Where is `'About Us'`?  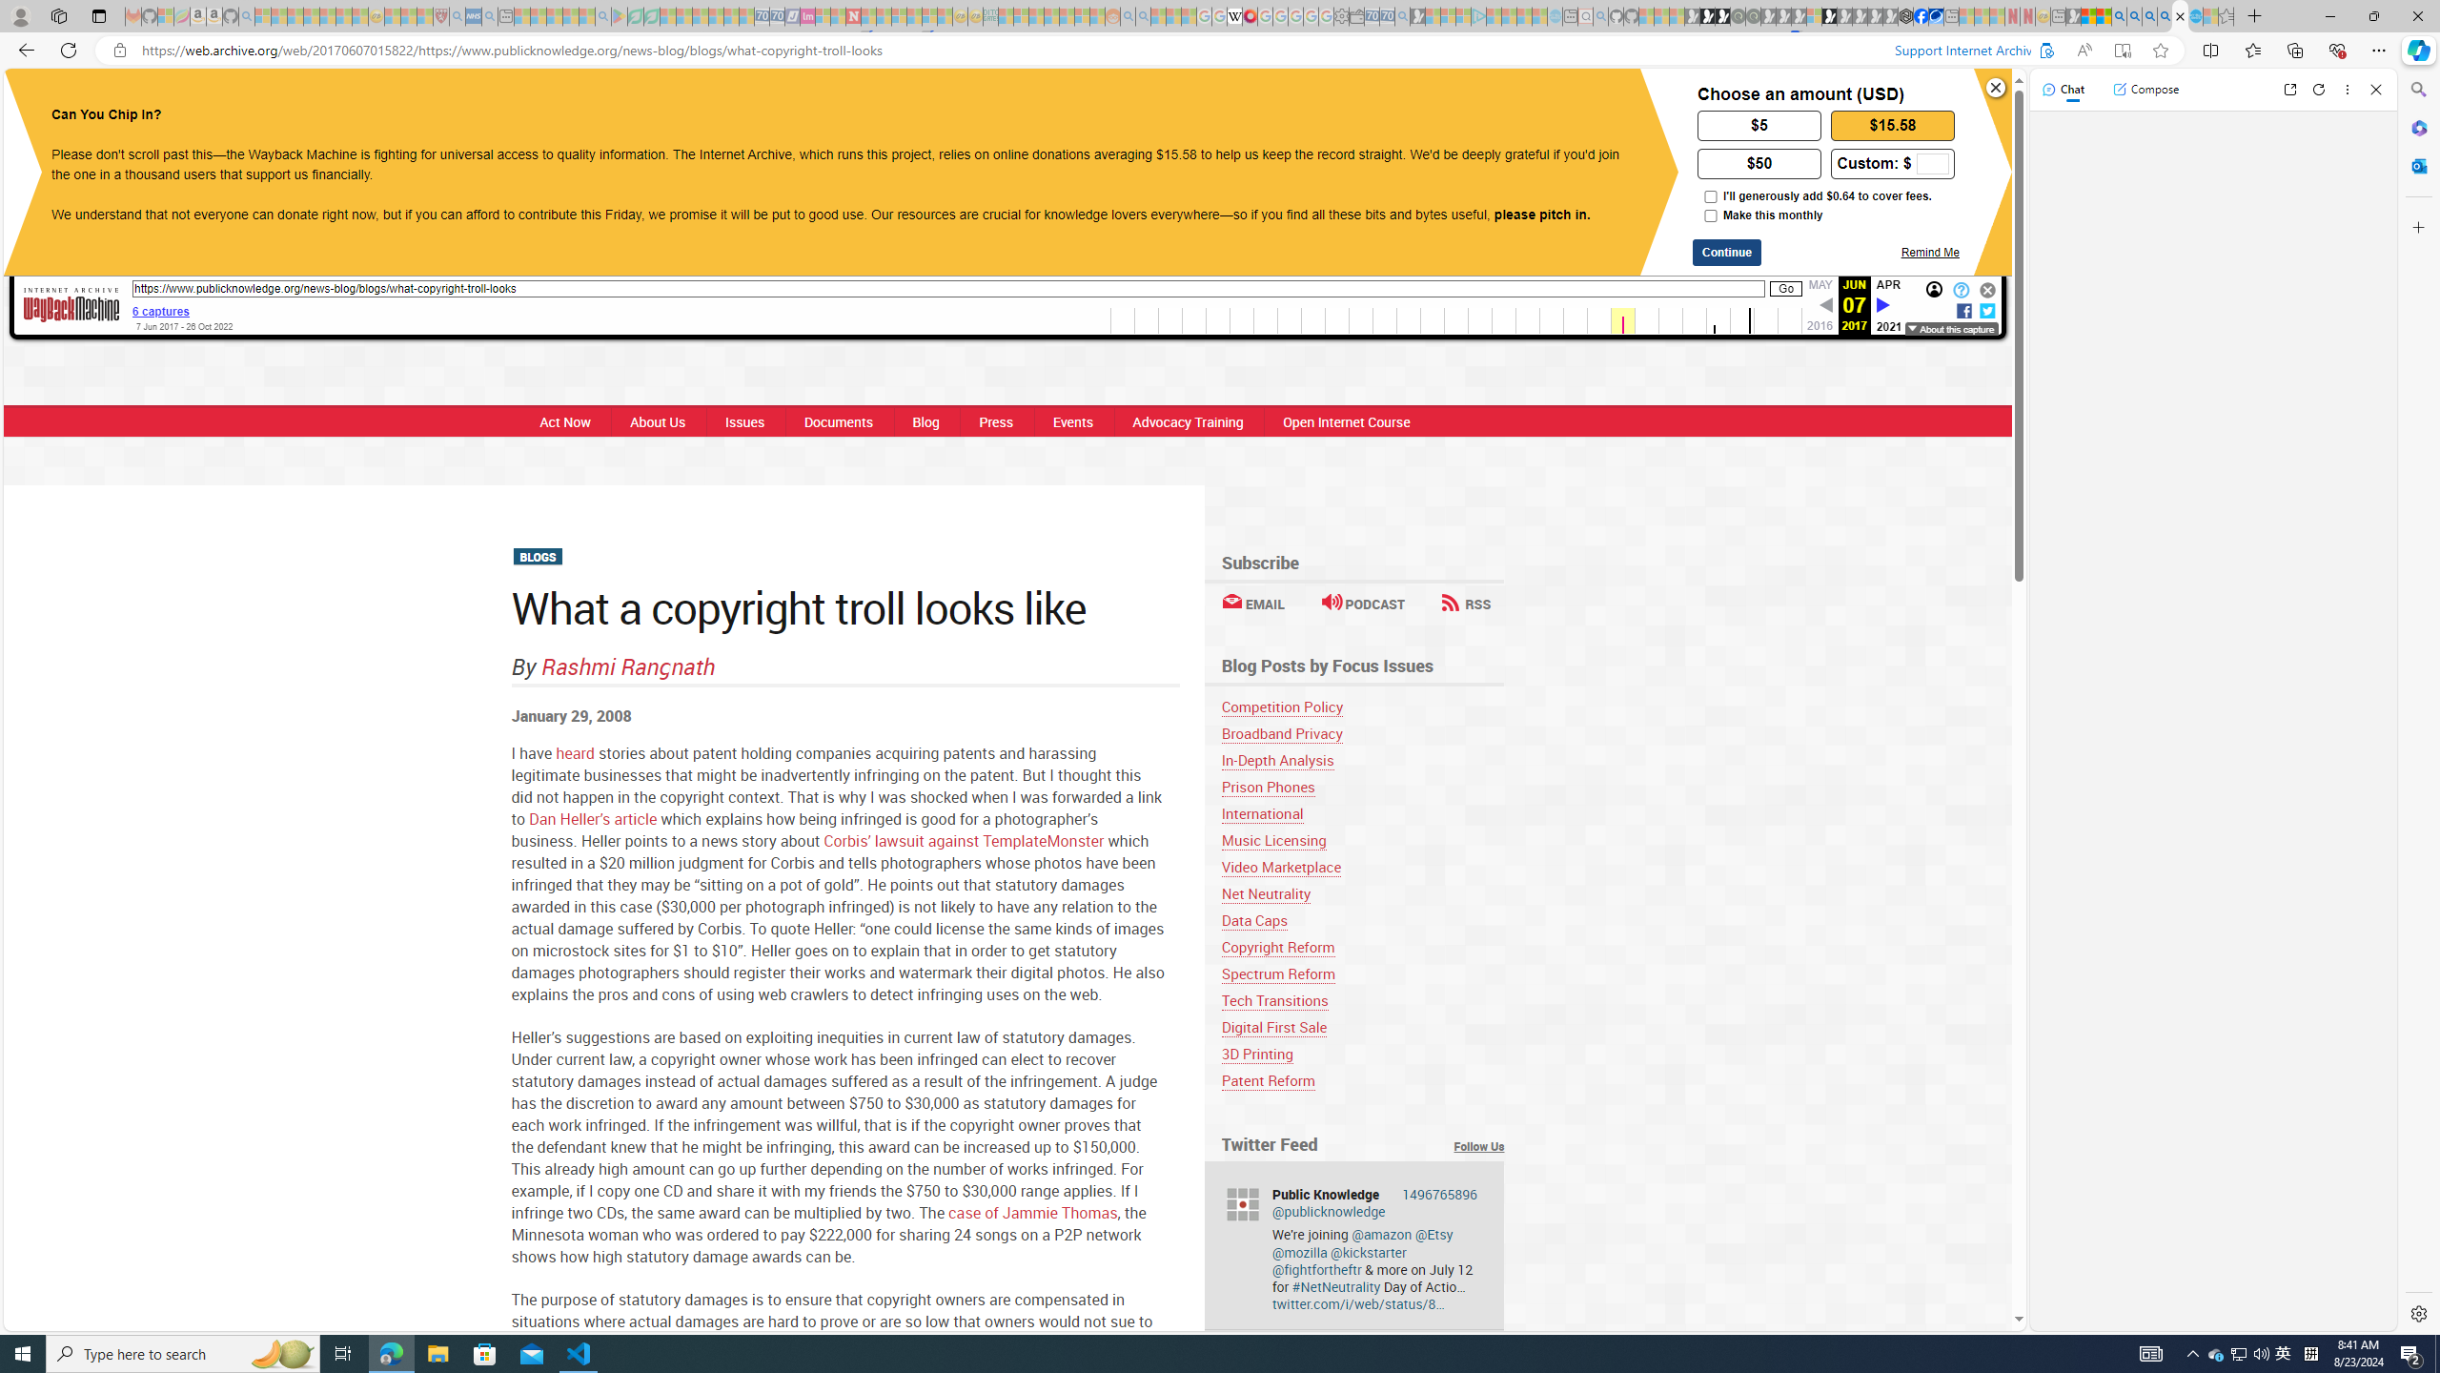
'About Us' is located at coordinates (658, 420).